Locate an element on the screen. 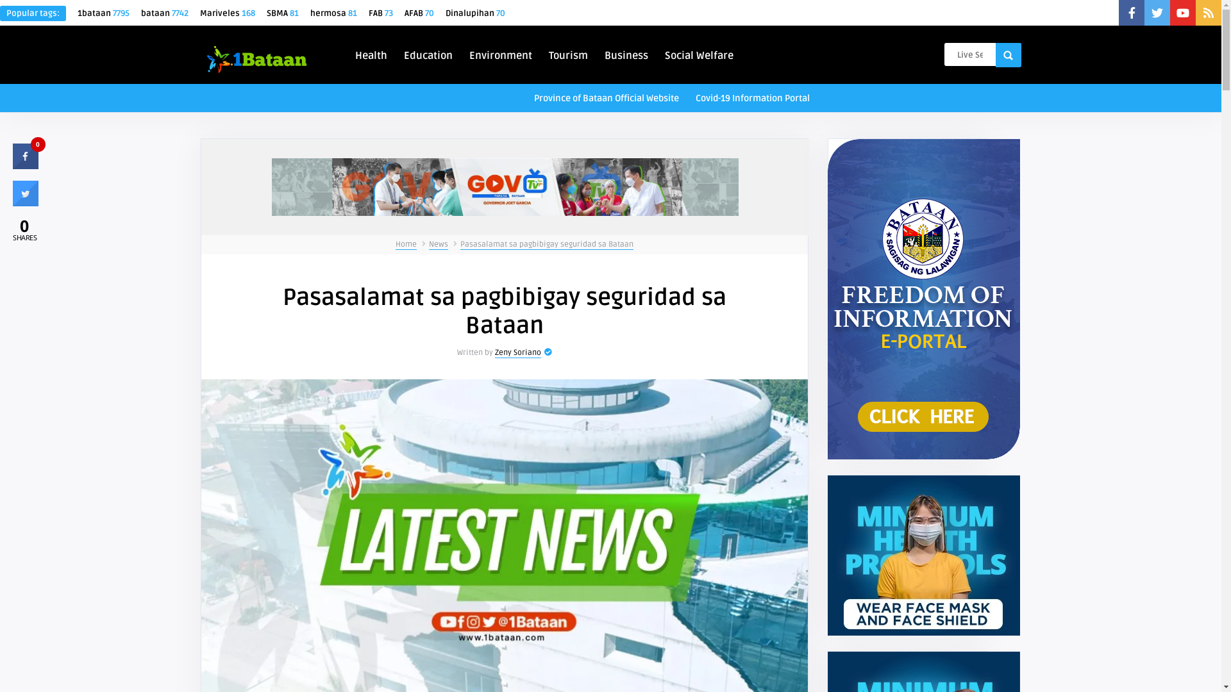  'Covid-19 Information Portal' is located at coordinates (753, 96).